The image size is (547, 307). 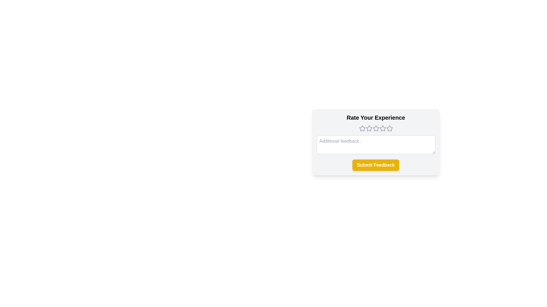 I want to click on the fourth gray star icon in the star rating control group, so click(x=383, y=128).